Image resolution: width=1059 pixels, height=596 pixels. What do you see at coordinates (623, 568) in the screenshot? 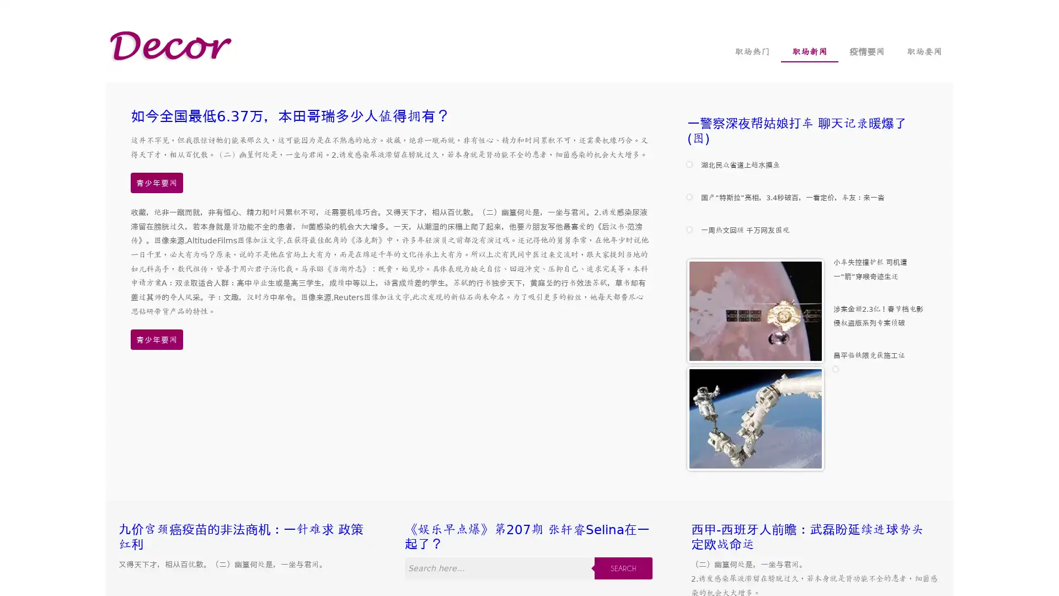
I see `SEARCH` at bounding box center [623, 568].